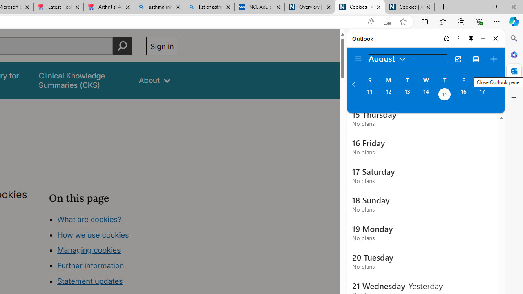 The width and height of the screenshot is (523, 294). I want to click on 'list of asthma inhalers uk - Search', so click(209, 7).